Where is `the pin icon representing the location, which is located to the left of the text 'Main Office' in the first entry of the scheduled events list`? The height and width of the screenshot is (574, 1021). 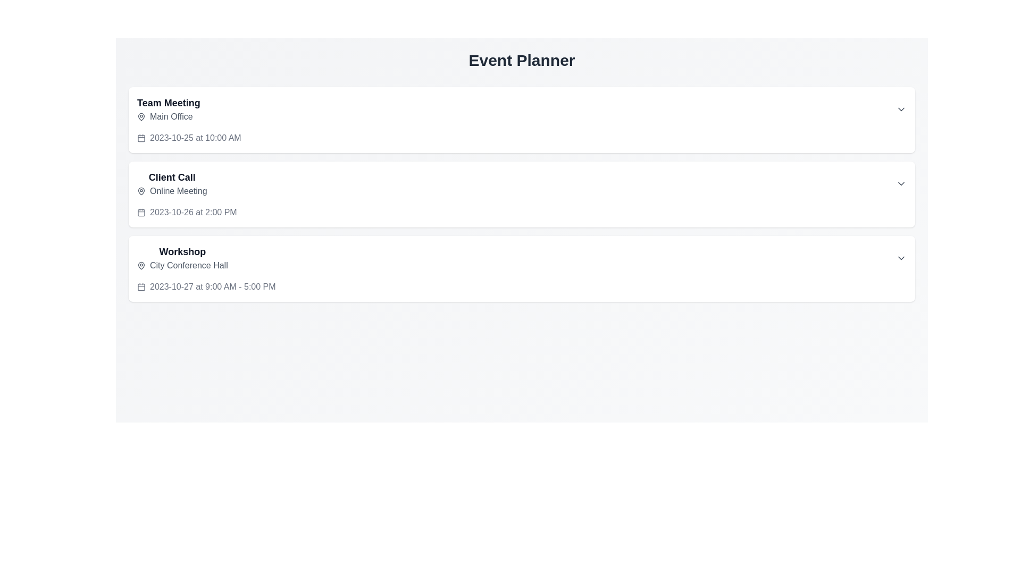
the pin icon representing the location, which is located to the left of the text 'Main Office' in the first entry of the scheduled events list is located at coordinates (140, 116).